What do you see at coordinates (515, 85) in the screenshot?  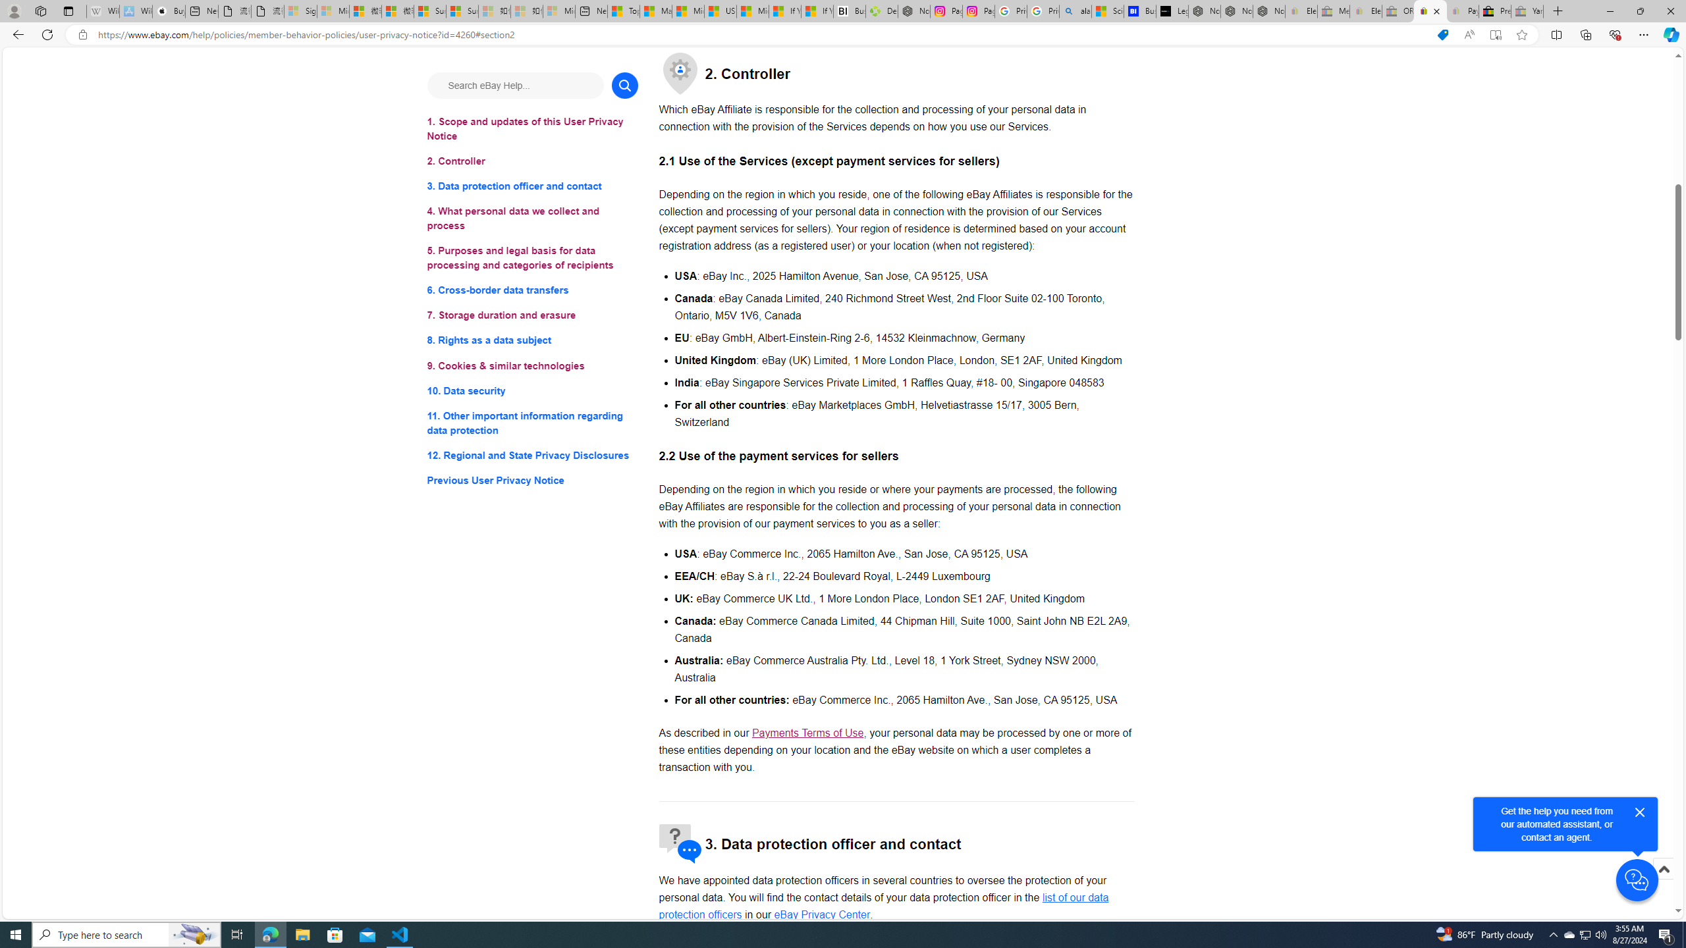 I see `'Search eBay Help...'` at bounding box center [515, 85].